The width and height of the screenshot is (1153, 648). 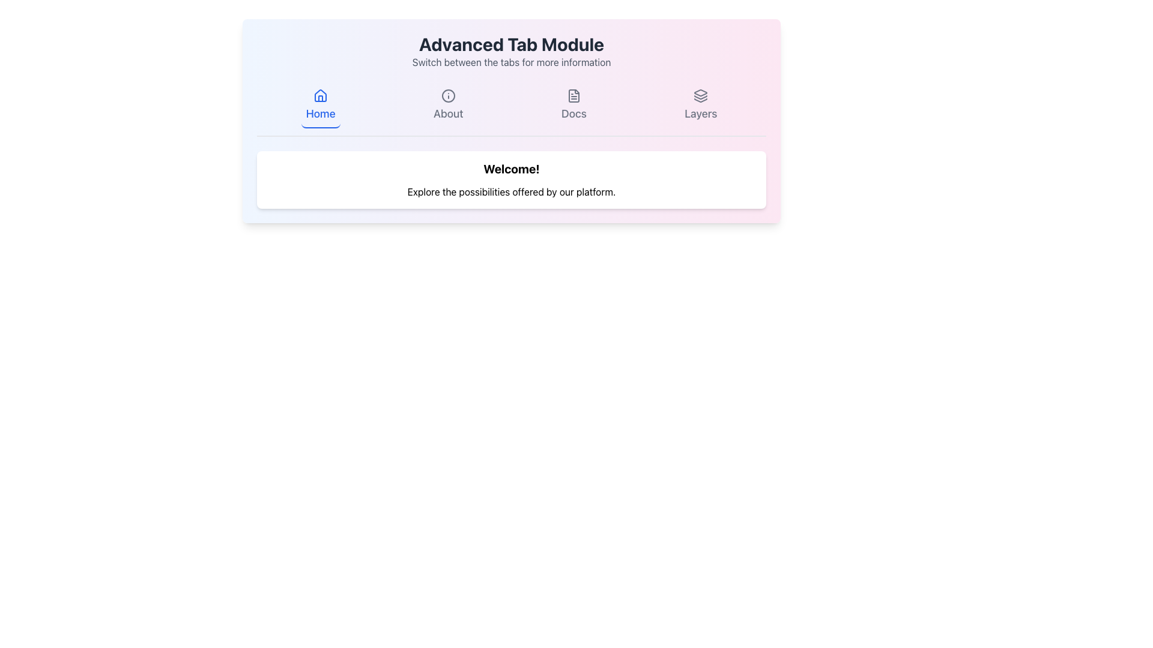 I want to click on the Text Display Panel that features a white background with rounded corners, containing the text 'Welcome!' and 'Explore the possibilities offered by our platform.', so click(x=511, y=180).